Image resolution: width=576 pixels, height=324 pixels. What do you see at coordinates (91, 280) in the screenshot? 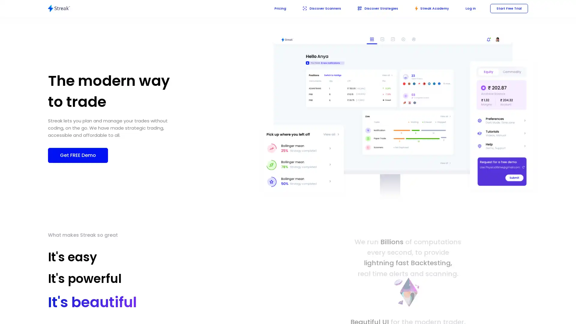
I see `It's powerful` at bounding box center [91, 280].